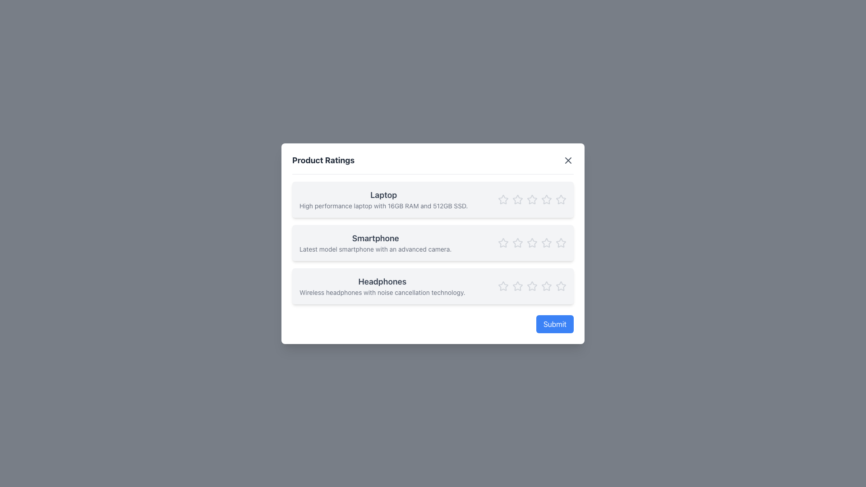 Image resolution: width=866 pixels, height=487 pixels. Describe the element at coordinates (560, 286) in the screenshot. I see `the fifth star icon to rate the 'Headphones' product with the highest rating` at that location.